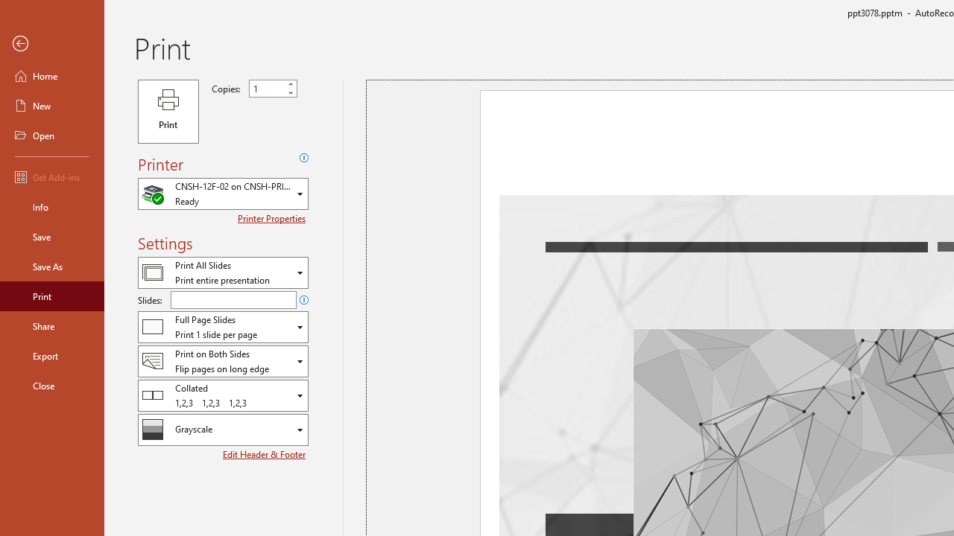 Image resolution: width=954 pixels, height=536 pixels. I want to click on 'Edit Header & Footer', so click(265, 453).